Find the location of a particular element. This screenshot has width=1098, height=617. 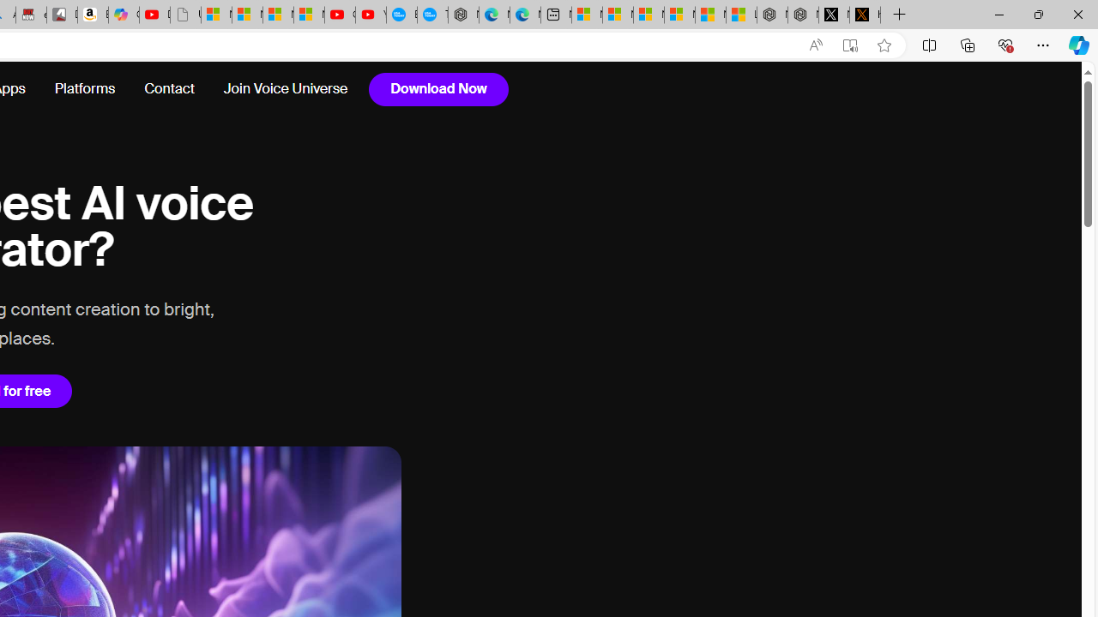

'Platforms' is located at coordinates (84, 89).